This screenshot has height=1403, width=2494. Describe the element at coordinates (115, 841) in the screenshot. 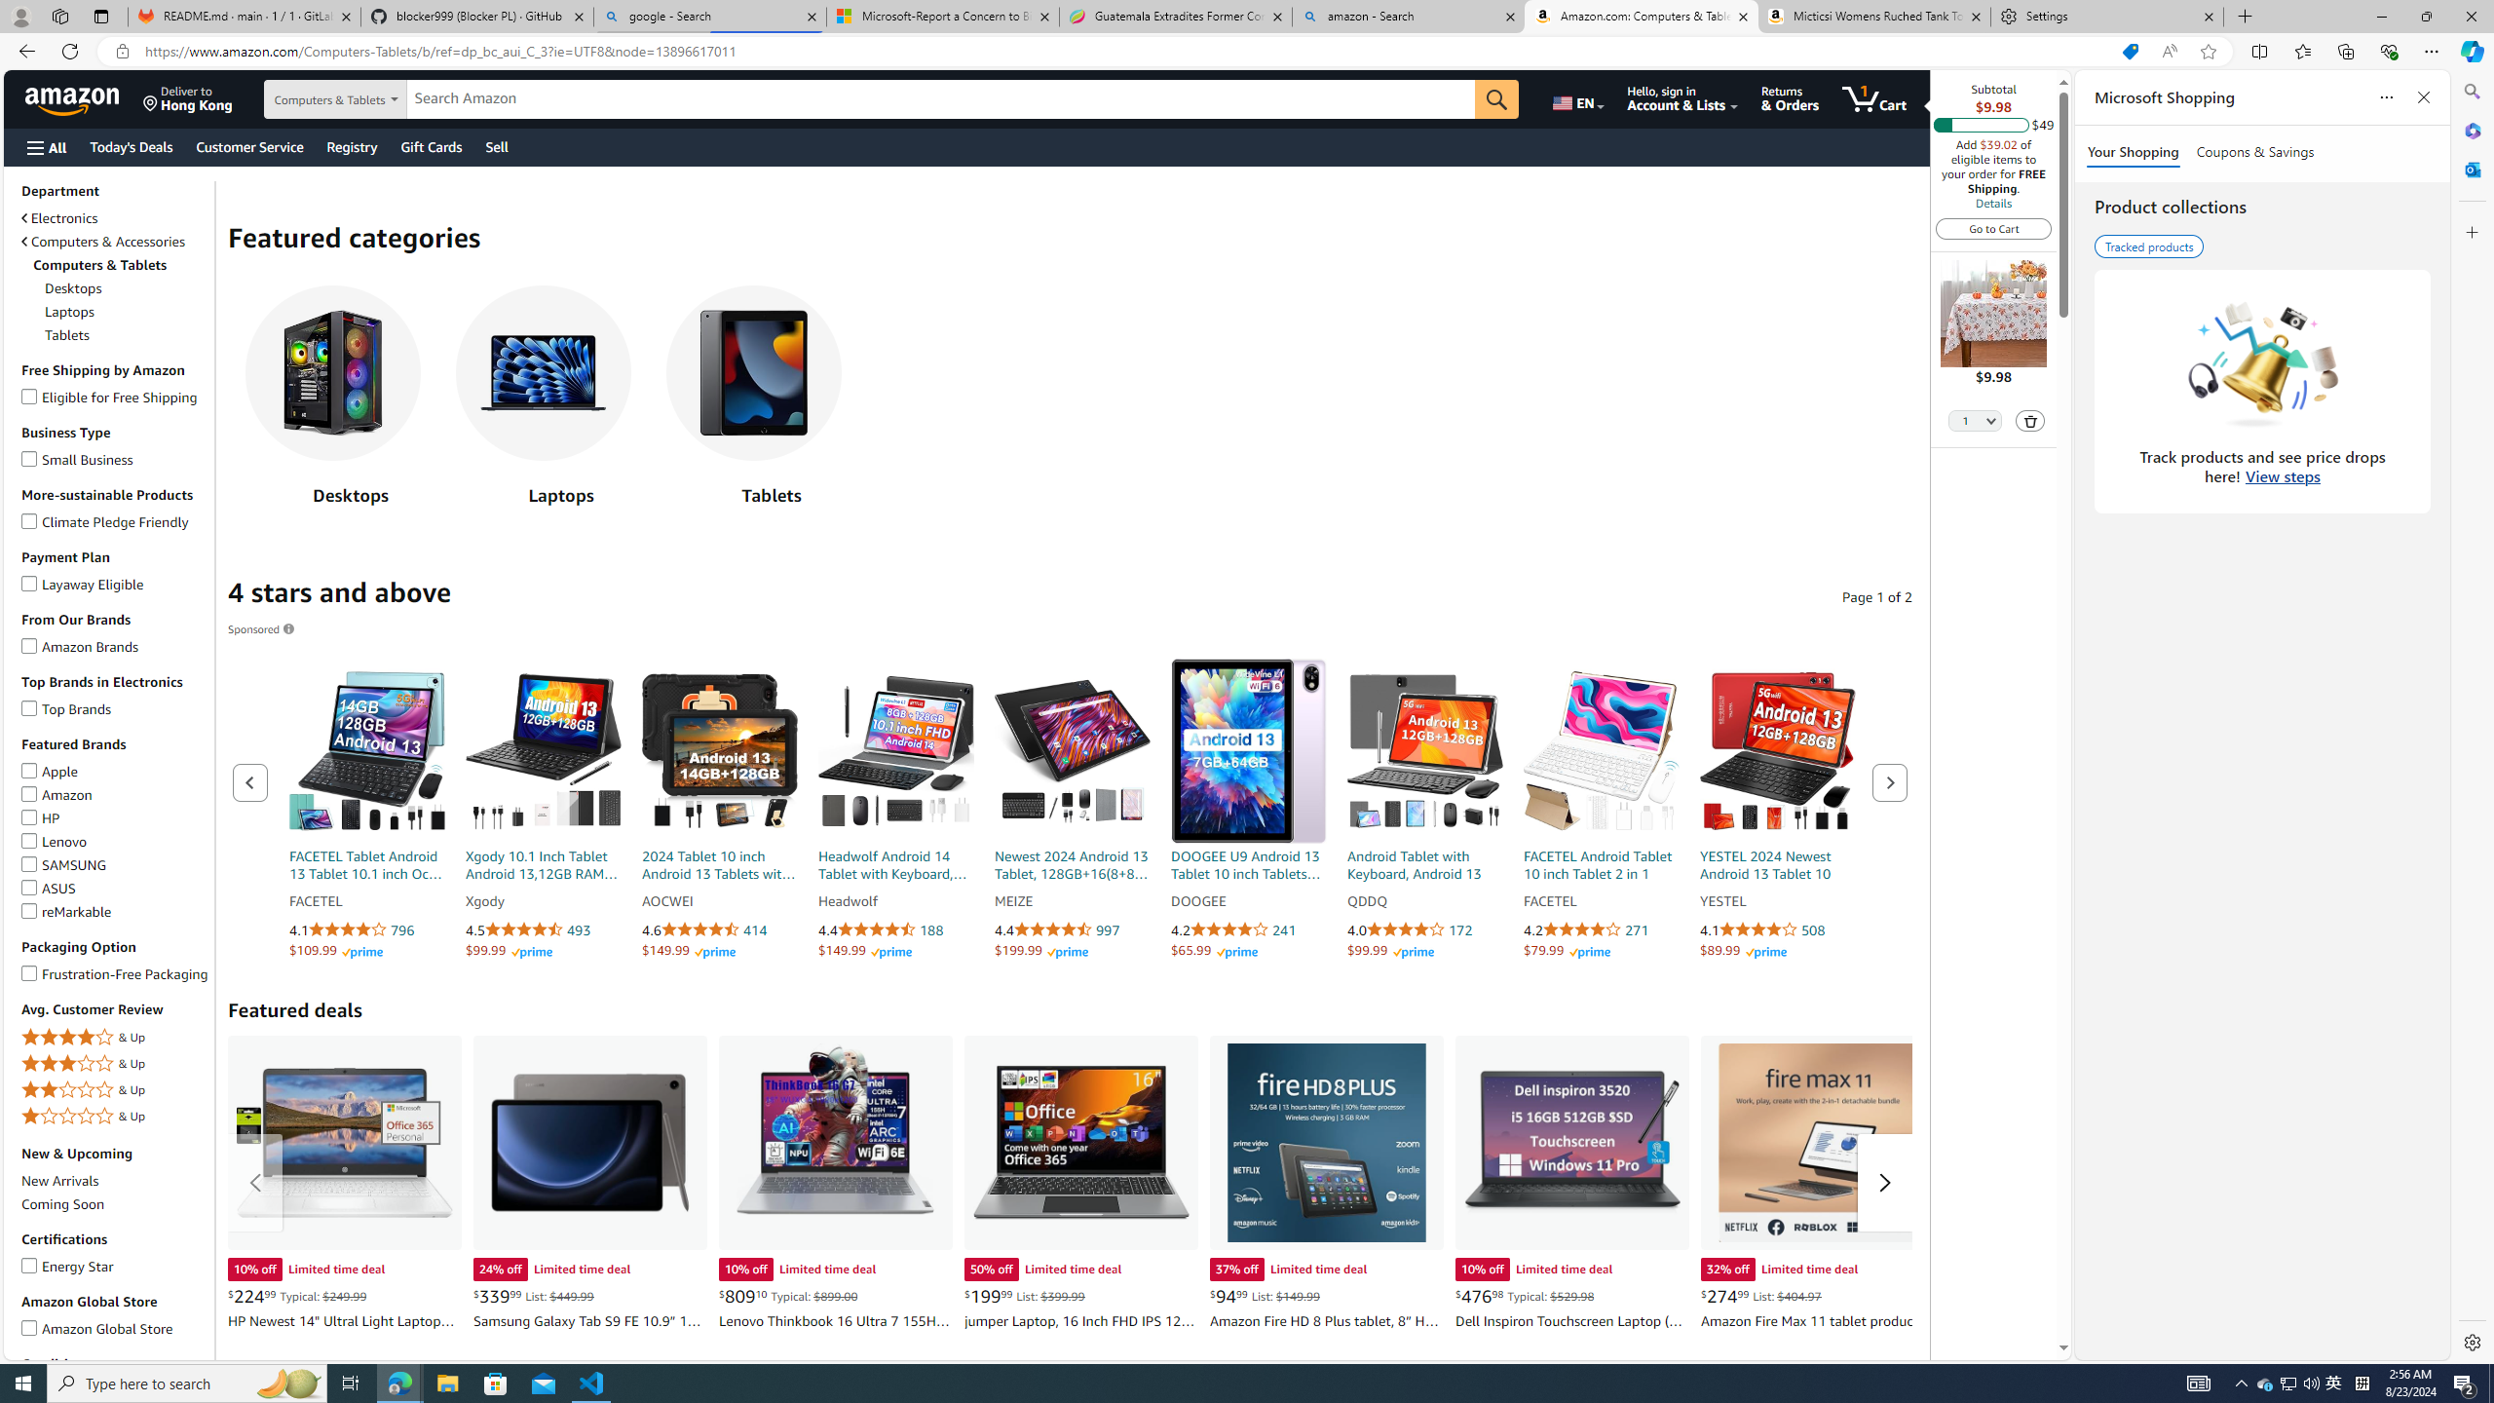

I see `'LenovoLenovo'` at that location.